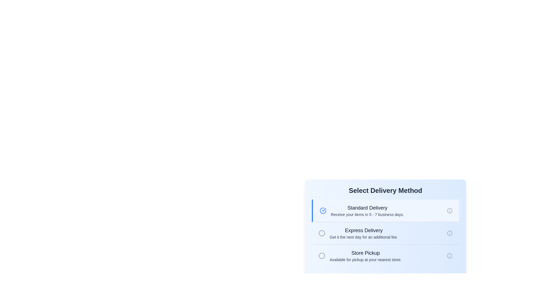 The image size is (536, 301). Describe the element at coordinates (364, 237) in the screenshot. I see `the text label that reads 'Get it the next day for an additional fee.', which is located below the heading 'Express Delivery' in the delivery method selection card` at that location.